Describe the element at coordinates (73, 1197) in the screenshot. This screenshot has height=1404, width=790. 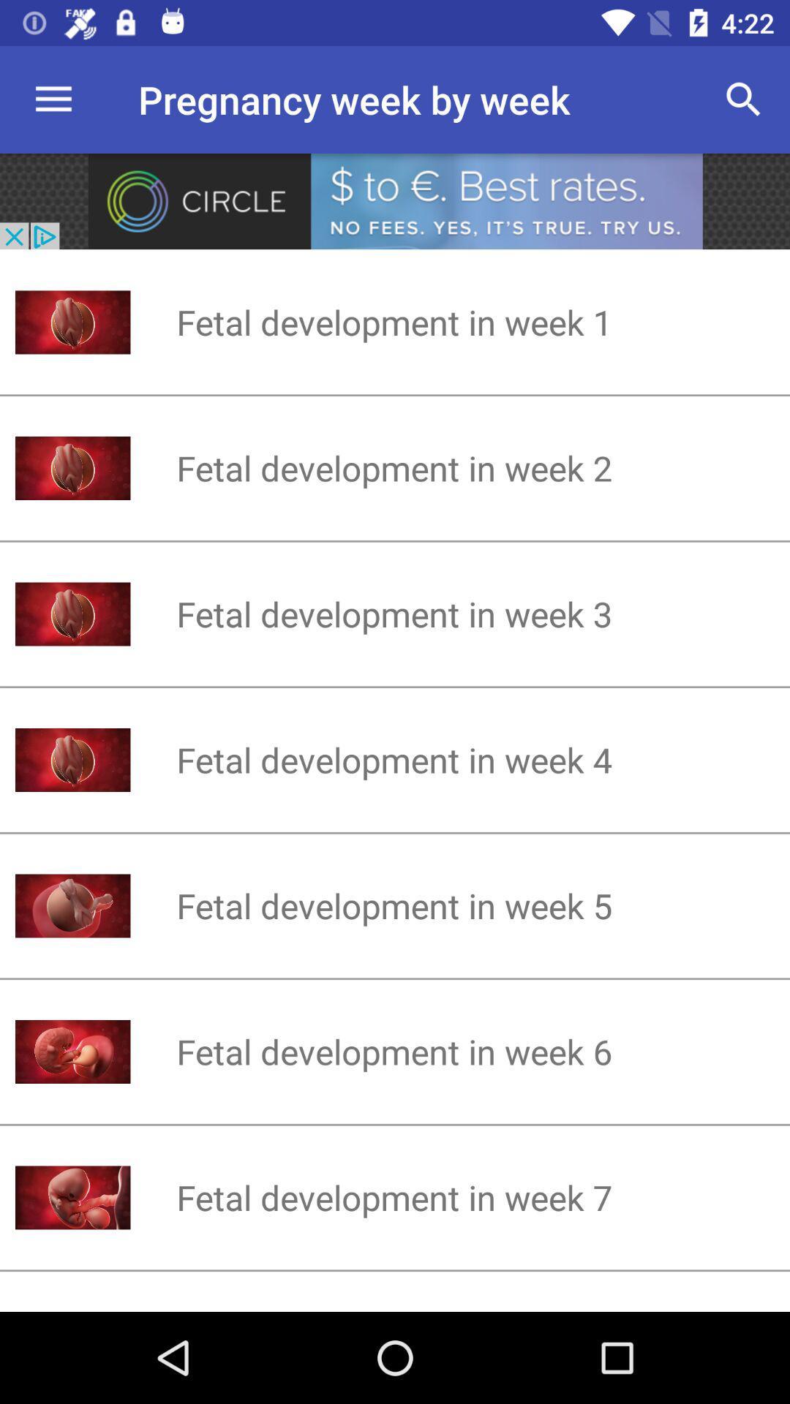
I see `the image on the top left corner of the web page` at that location.